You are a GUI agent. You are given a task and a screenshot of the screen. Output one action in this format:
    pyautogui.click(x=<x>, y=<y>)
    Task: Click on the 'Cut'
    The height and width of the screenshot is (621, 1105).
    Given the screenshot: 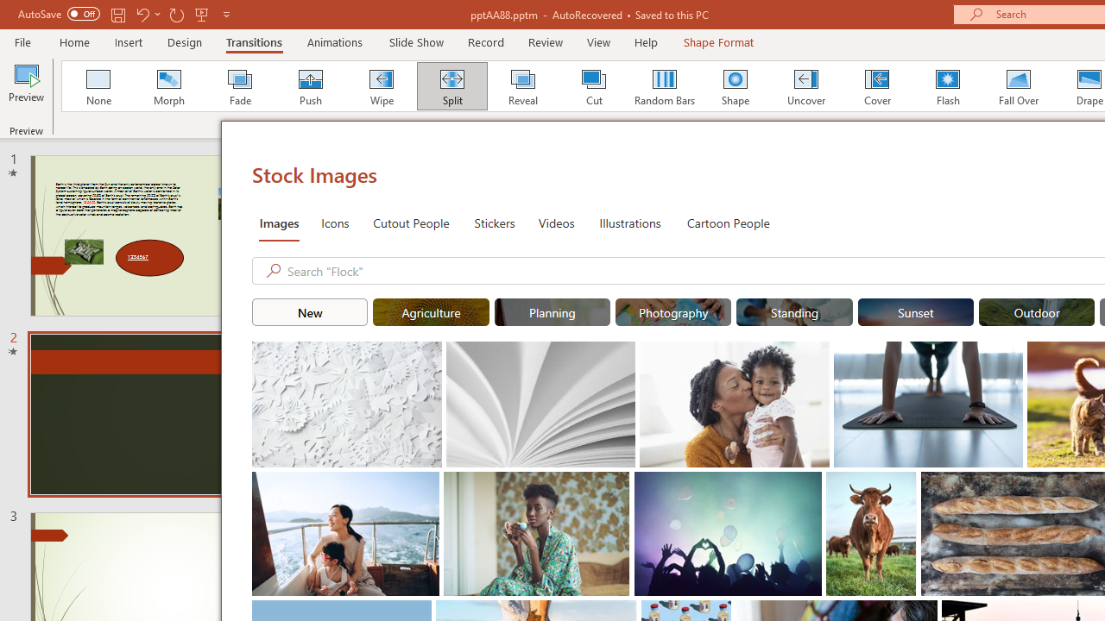 What is the action you would take?
    pyautogui.click(x=594, y=86)
    